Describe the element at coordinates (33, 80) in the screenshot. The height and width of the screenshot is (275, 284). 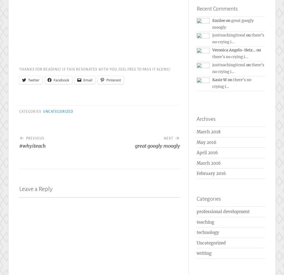
I see `'Twitter'` at that location.